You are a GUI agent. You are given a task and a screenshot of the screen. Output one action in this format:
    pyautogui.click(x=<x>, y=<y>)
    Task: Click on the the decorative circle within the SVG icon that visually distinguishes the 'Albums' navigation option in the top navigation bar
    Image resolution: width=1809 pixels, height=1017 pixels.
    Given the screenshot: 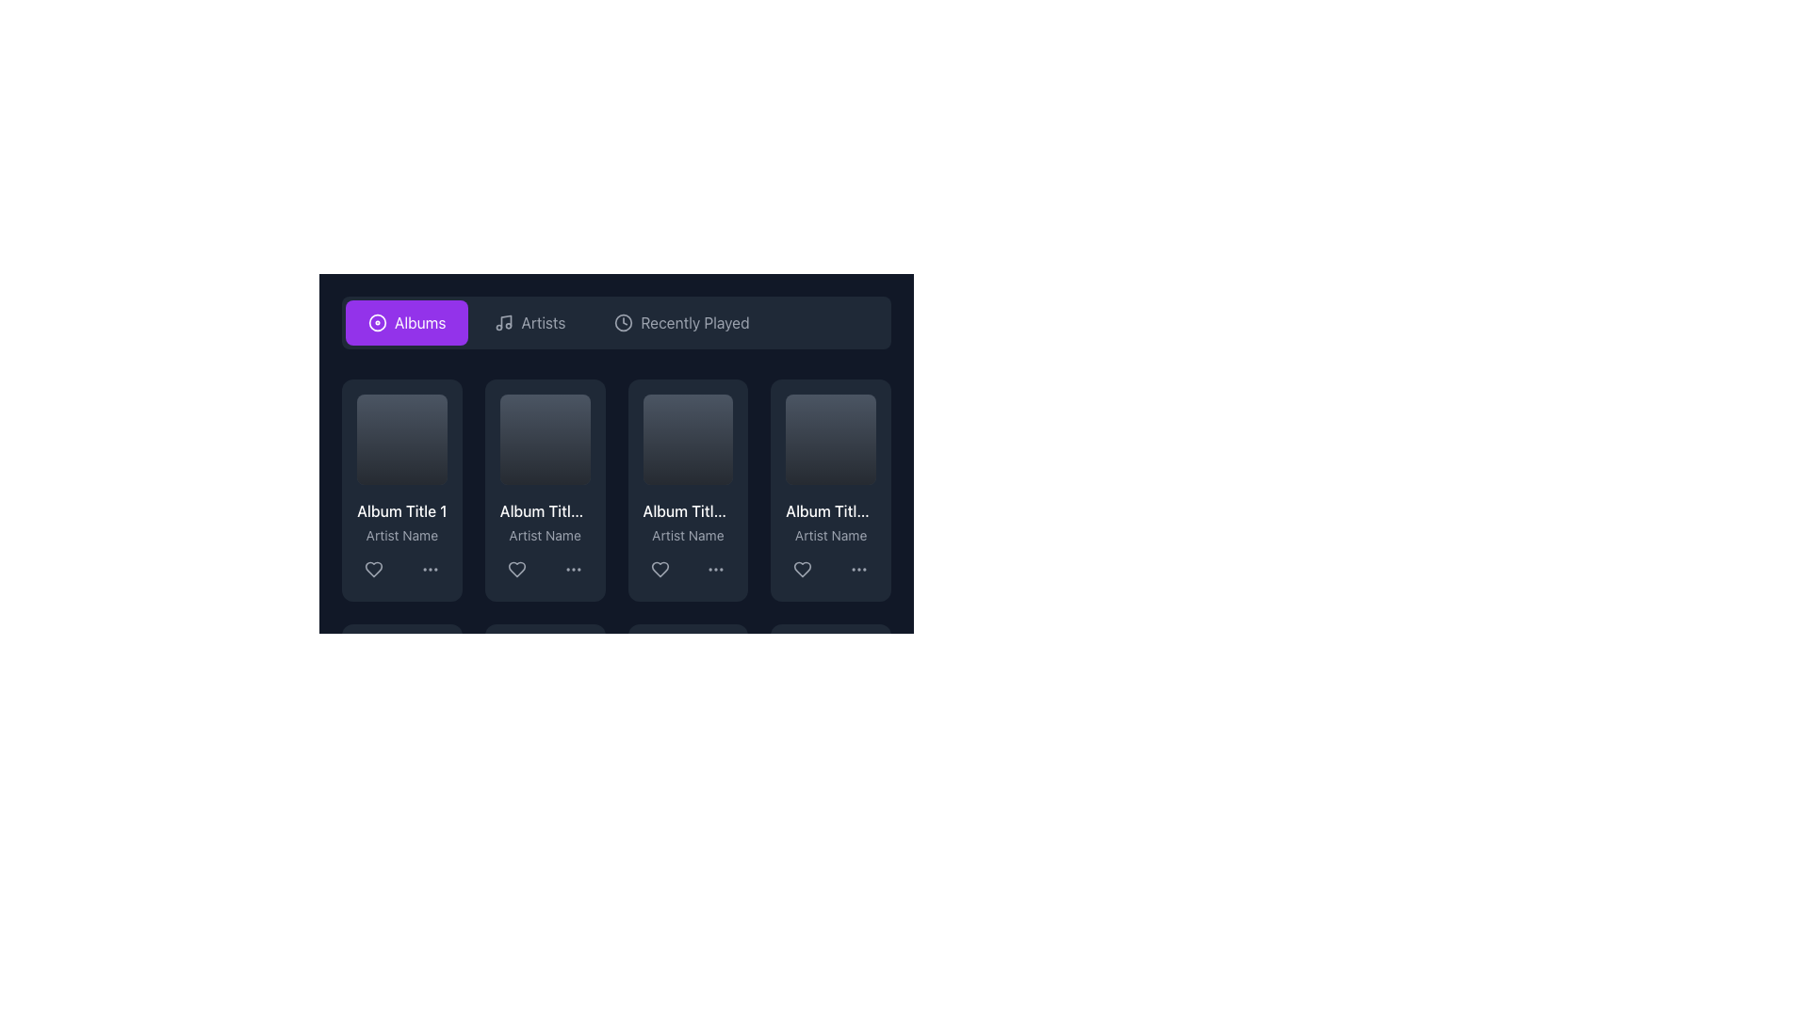 What is the action you would take?
    pyautogui.click(x=377, y=322)
    